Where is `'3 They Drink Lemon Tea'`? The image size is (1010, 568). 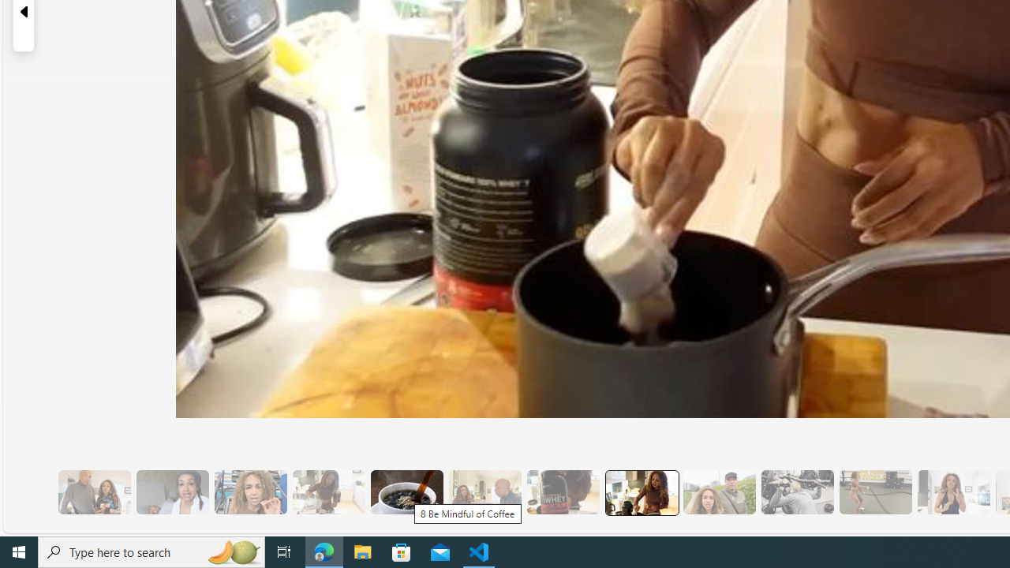 '3 They Drink Lemon Tea' is located at coordinates (327, 491).